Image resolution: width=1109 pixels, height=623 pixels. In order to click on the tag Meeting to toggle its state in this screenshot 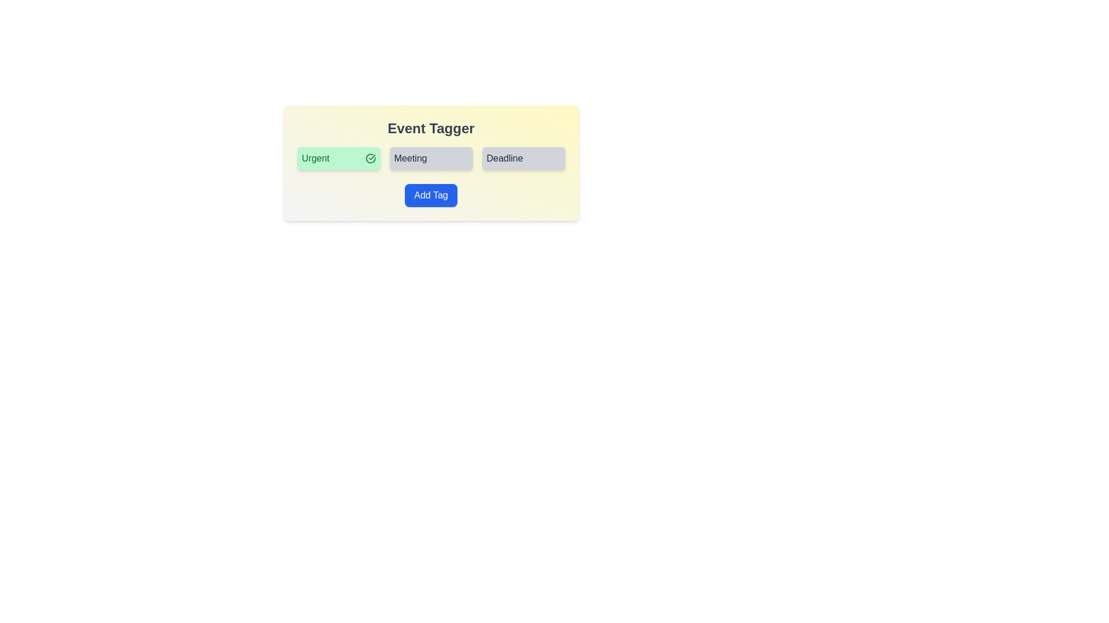, I will do `click(430, 158)`.